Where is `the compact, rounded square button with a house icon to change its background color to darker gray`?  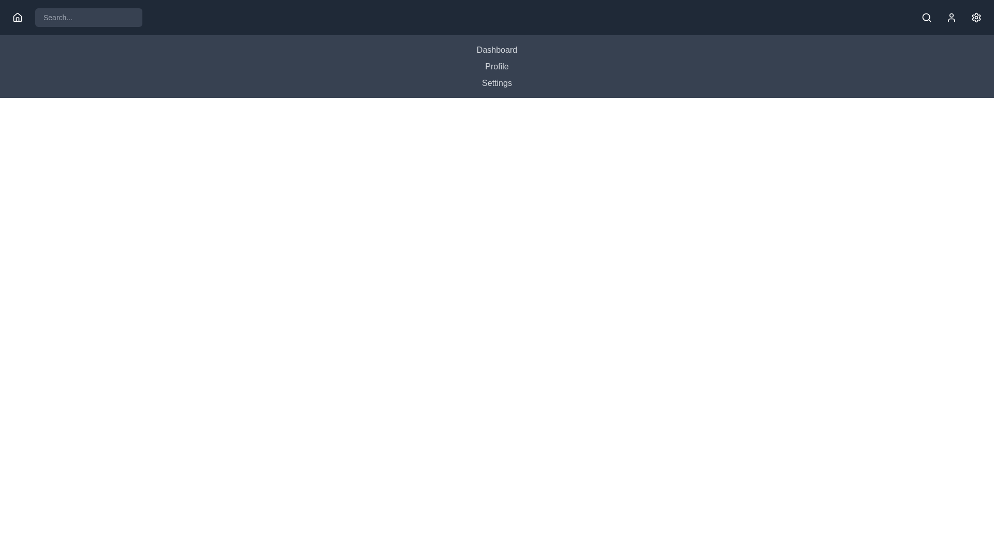
the compact, rounded square button with a house icon to change its background color to darker gray is located at coordinates (17, 18).